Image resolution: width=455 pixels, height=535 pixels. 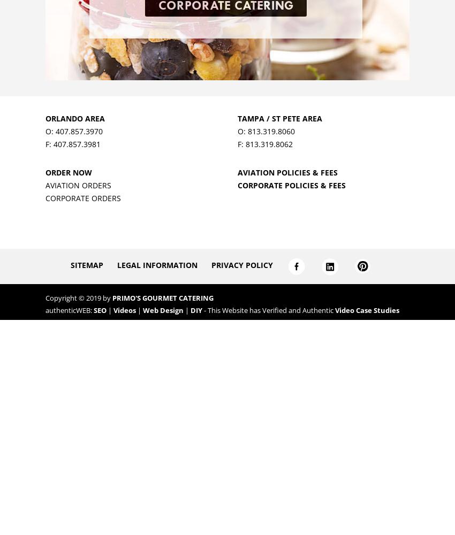 I want to click on 'O: 813.319.8060', so click(x=266, y=130).